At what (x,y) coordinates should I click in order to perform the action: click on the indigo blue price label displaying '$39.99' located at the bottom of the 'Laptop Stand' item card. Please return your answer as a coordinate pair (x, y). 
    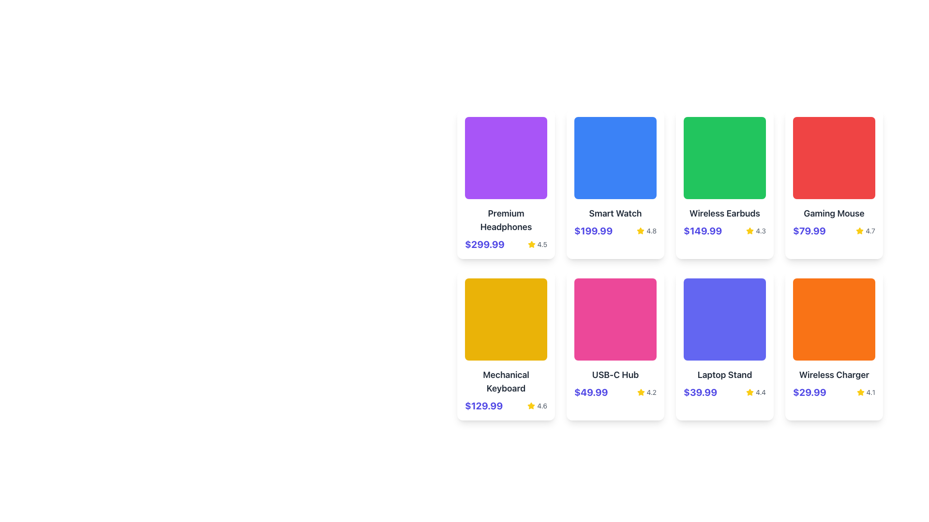
    Looking at the image, I should click on (700, 392).